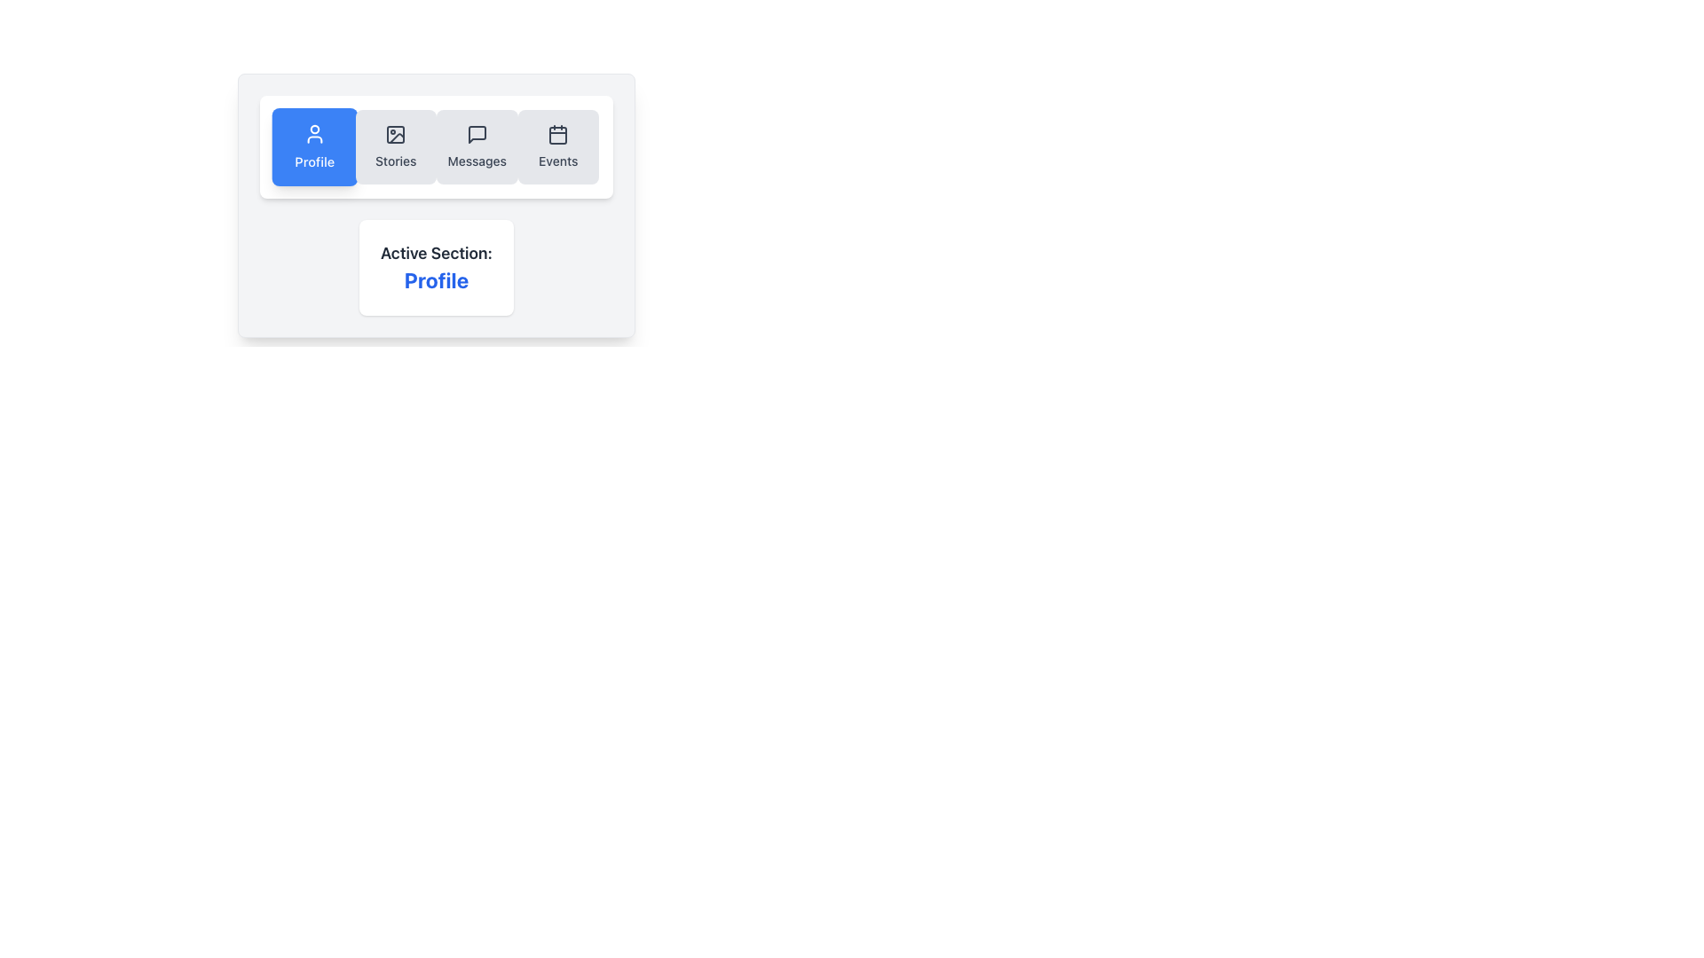  Describe the element at coordinates (395, 133) in the screenshot. I see `the 'Stories' icon in the navigation bar` at that location.